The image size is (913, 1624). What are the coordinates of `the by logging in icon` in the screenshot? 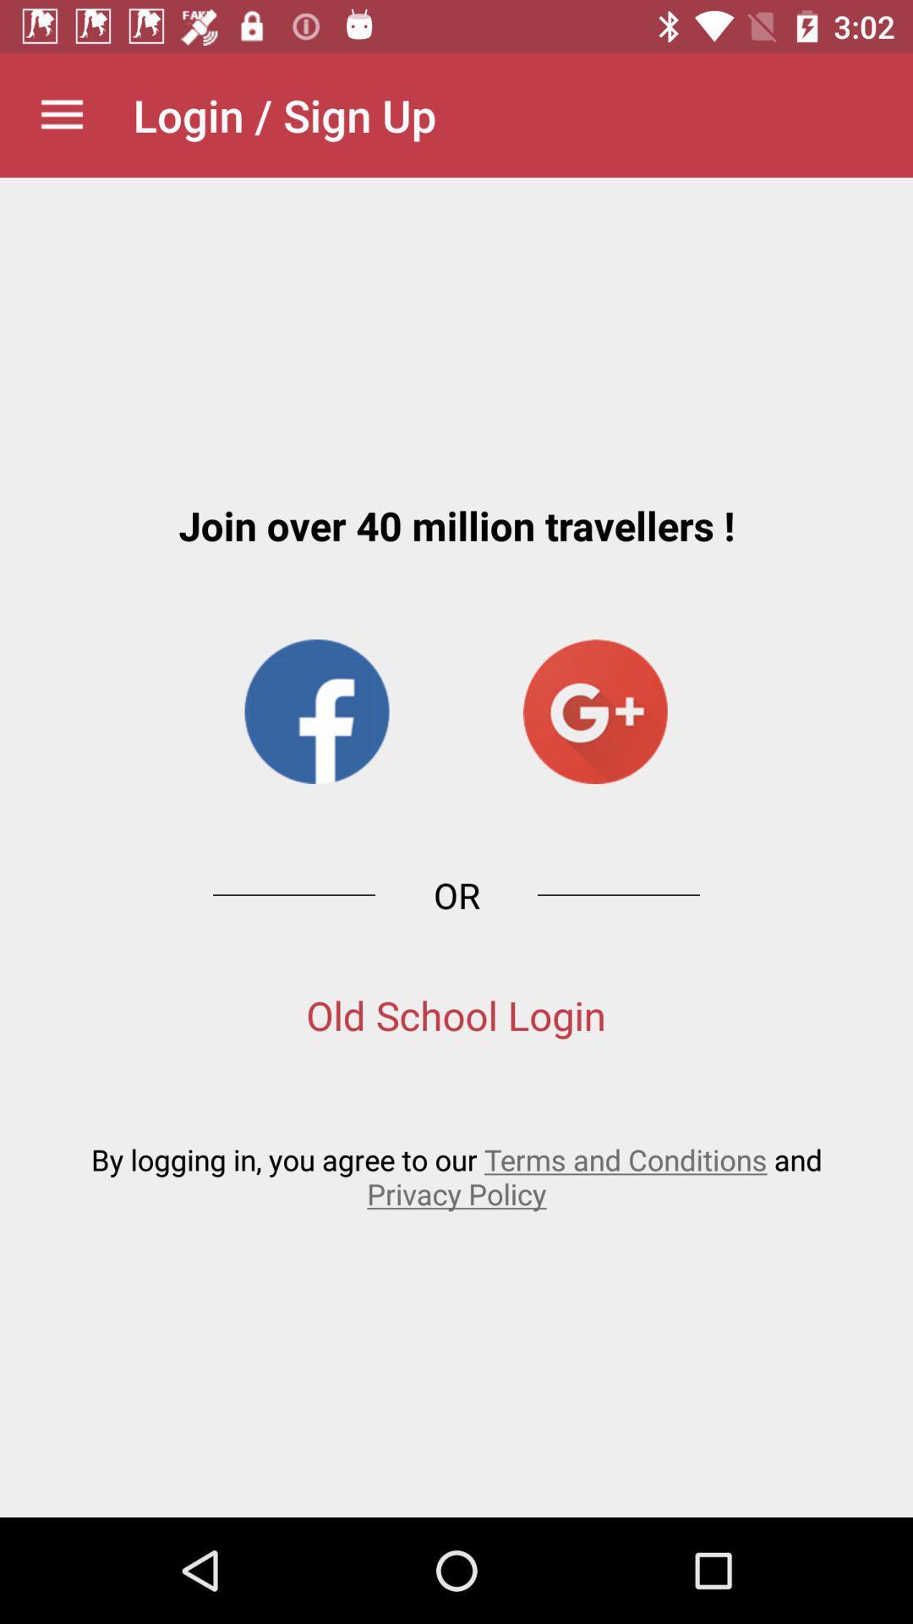 It's located at (456, 1176).